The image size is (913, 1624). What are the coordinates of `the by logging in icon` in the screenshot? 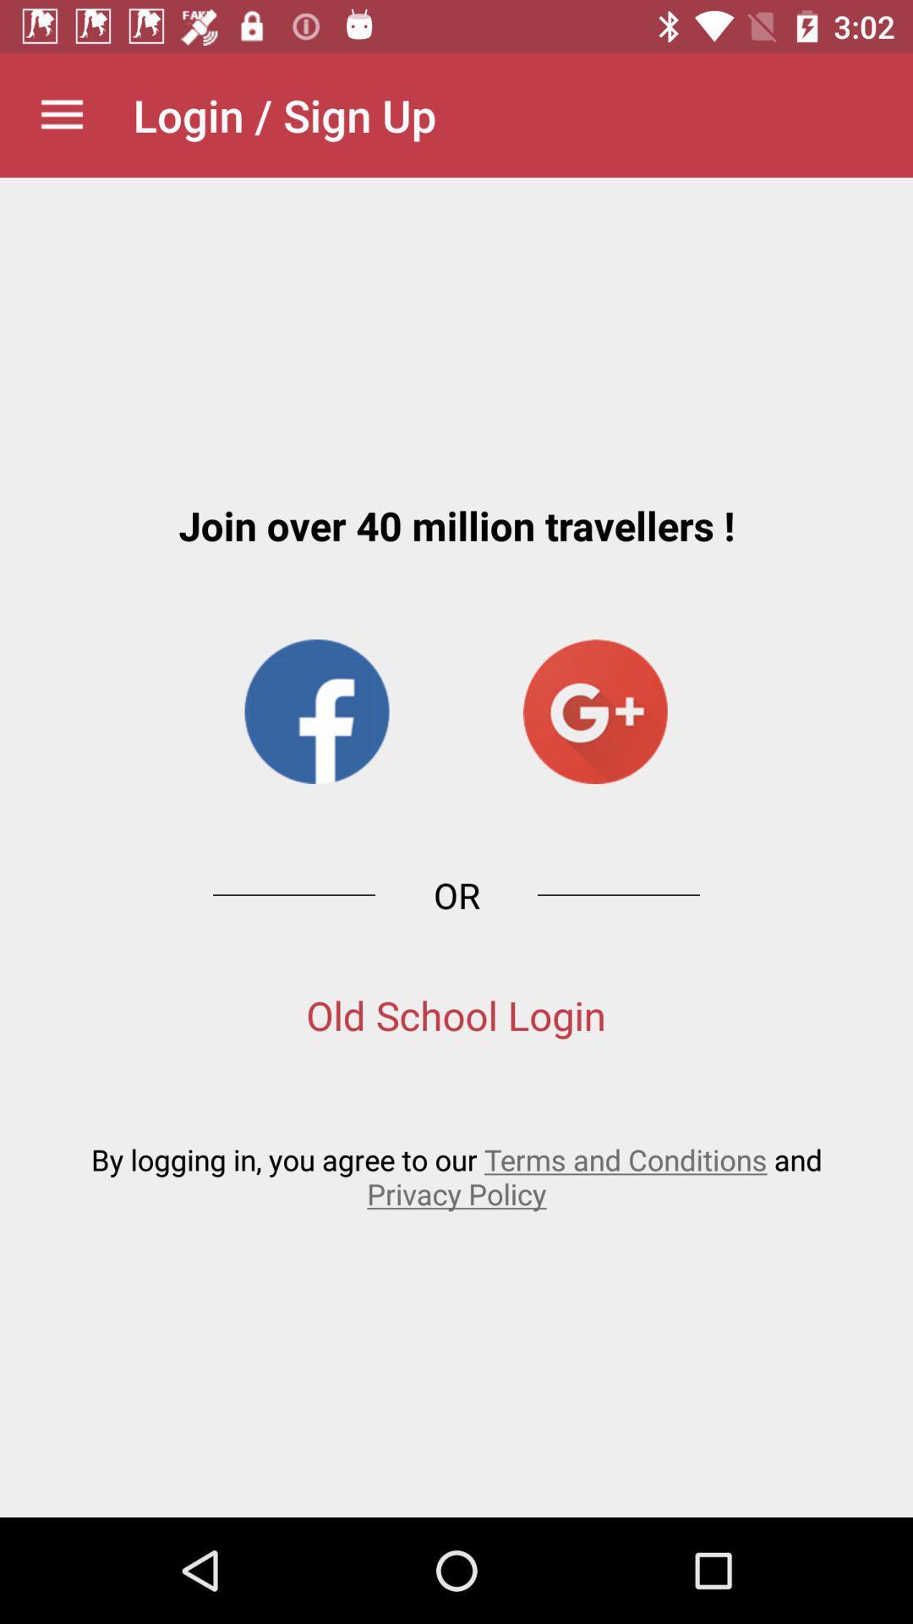 It's located at (456, 1176).